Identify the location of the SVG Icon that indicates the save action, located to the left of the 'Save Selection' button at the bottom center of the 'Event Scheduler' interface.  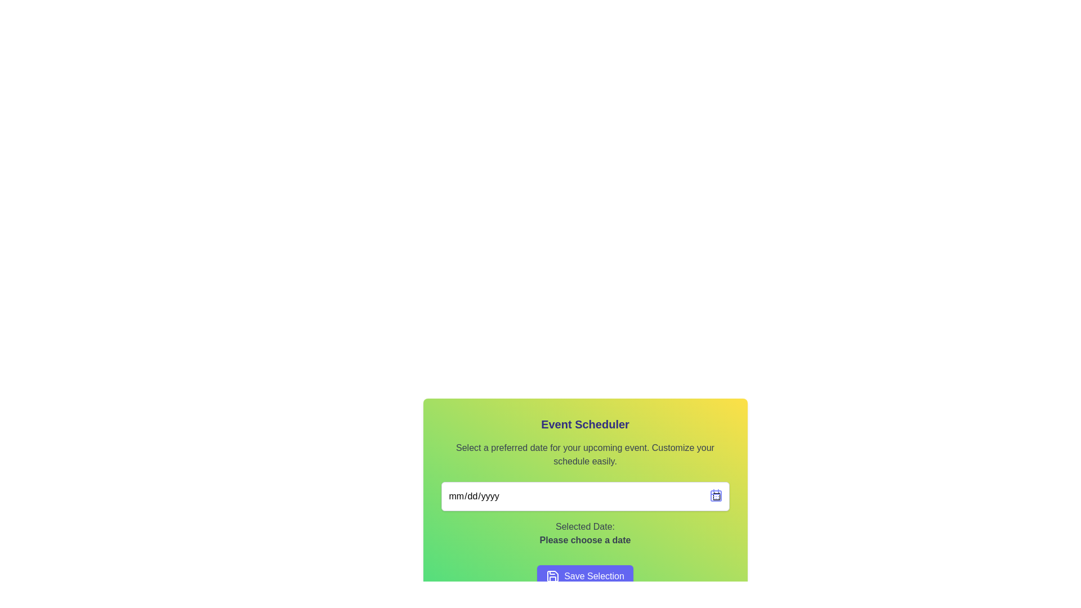
(553, 576).